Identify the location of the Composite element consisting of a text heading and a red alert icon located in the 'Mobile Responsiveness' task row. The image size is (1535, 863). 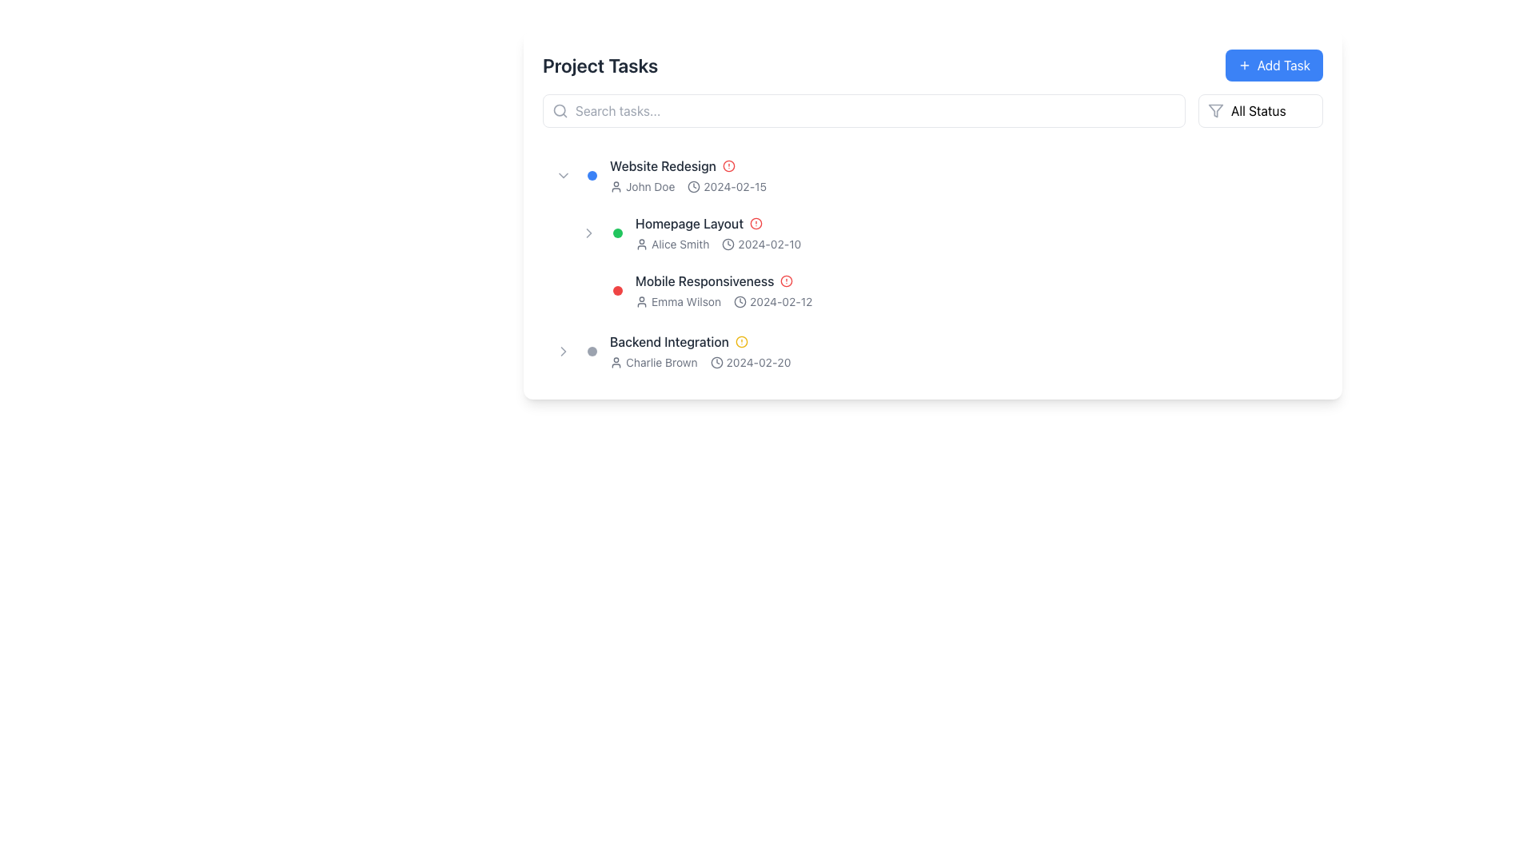
(974, 280).